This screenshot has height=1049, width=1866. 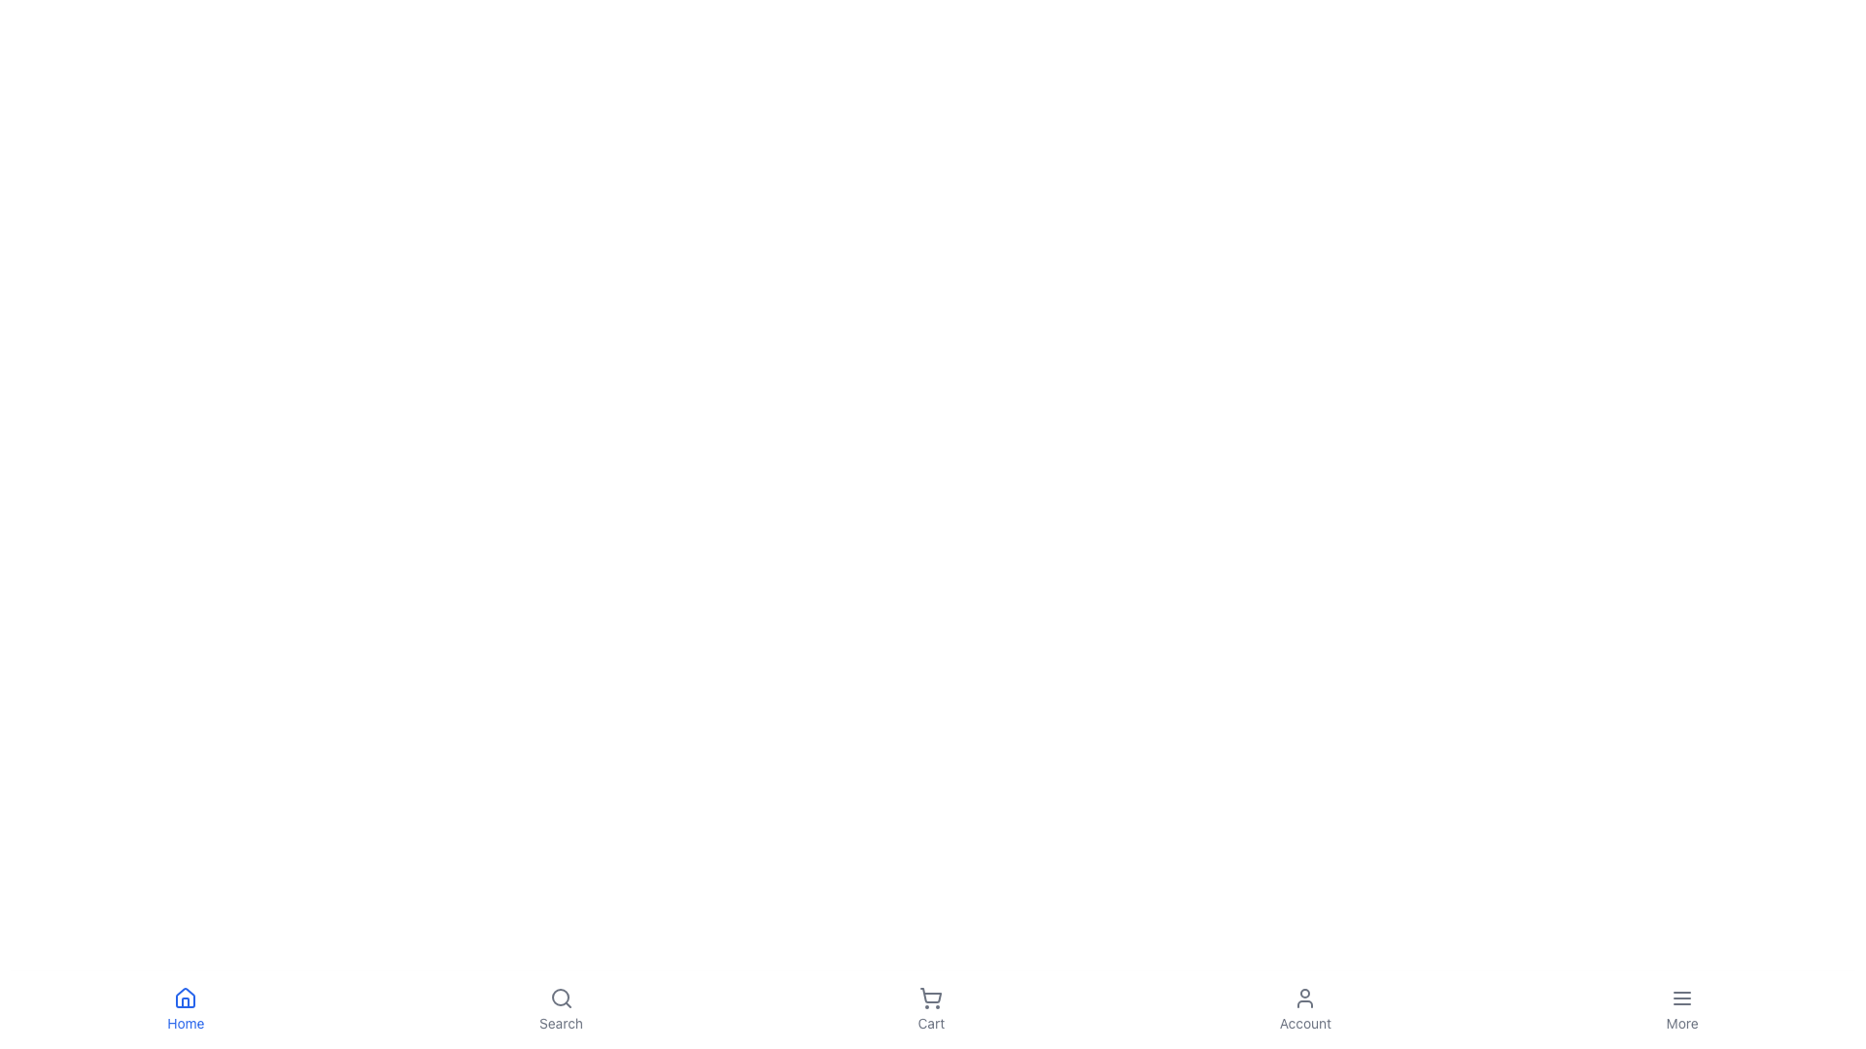 What do you see at coordinates (1305, 998) in the screenshot?
I see `the user profile icon in the bottom navigation bar` at bounding box center [1305, 998].